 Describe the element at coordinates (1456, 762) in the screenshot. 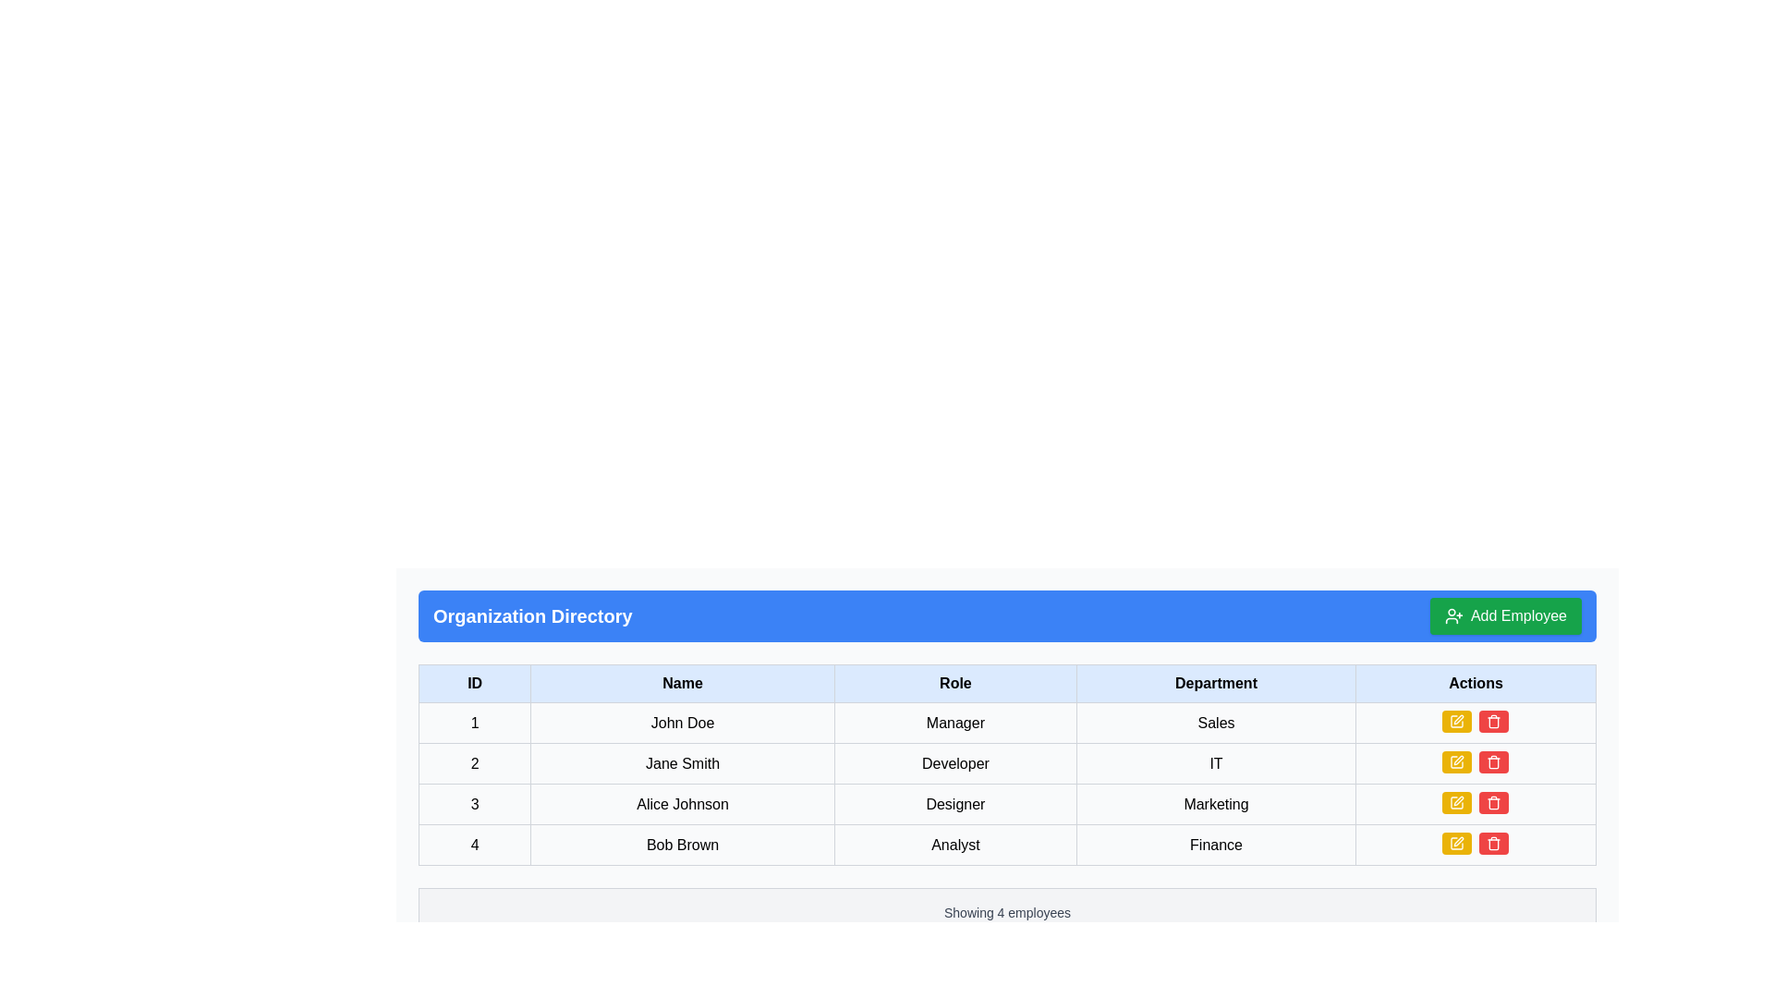

I see `the edit button located in the 'Actions' column of the second row in the table` at that location.